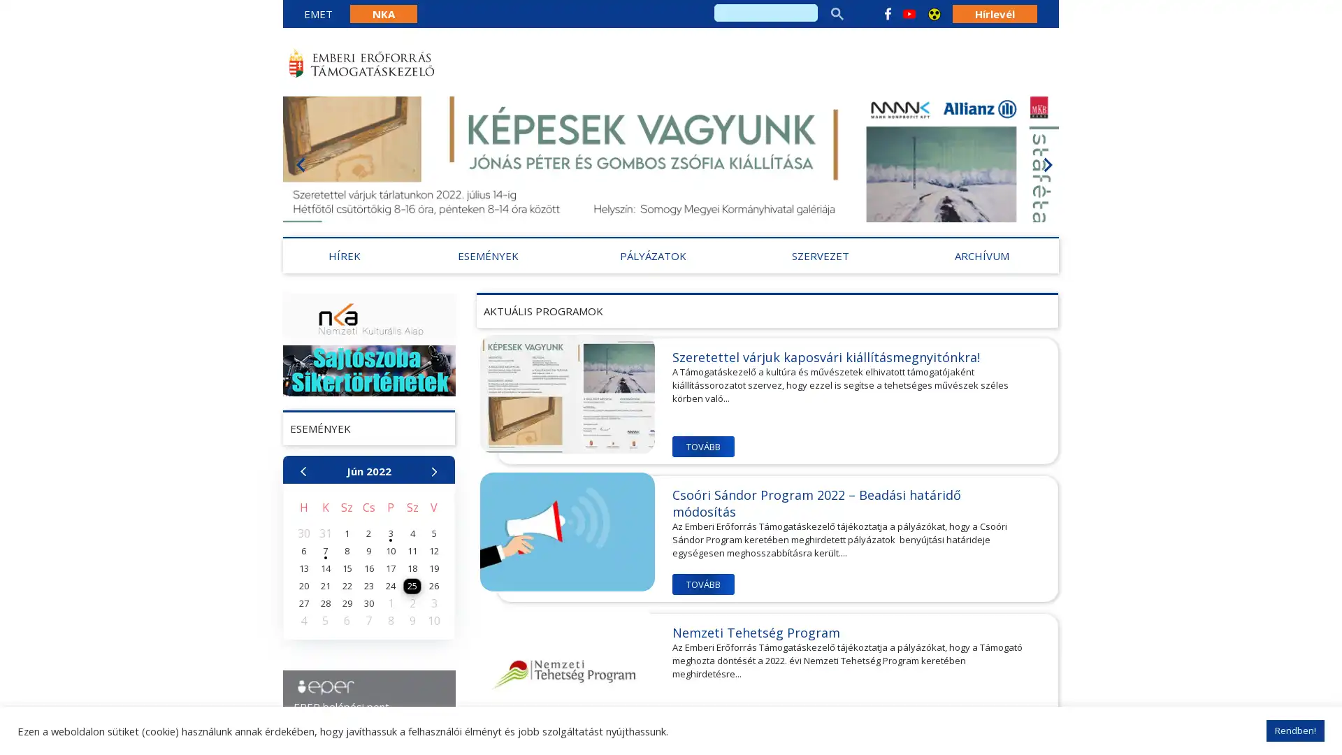 The width and height of the screenshot is (1342, 755). What do you see at coordinates (821, 256) in the screenshot?
I see `SZERVEZET` at bounding box center [821, 256].